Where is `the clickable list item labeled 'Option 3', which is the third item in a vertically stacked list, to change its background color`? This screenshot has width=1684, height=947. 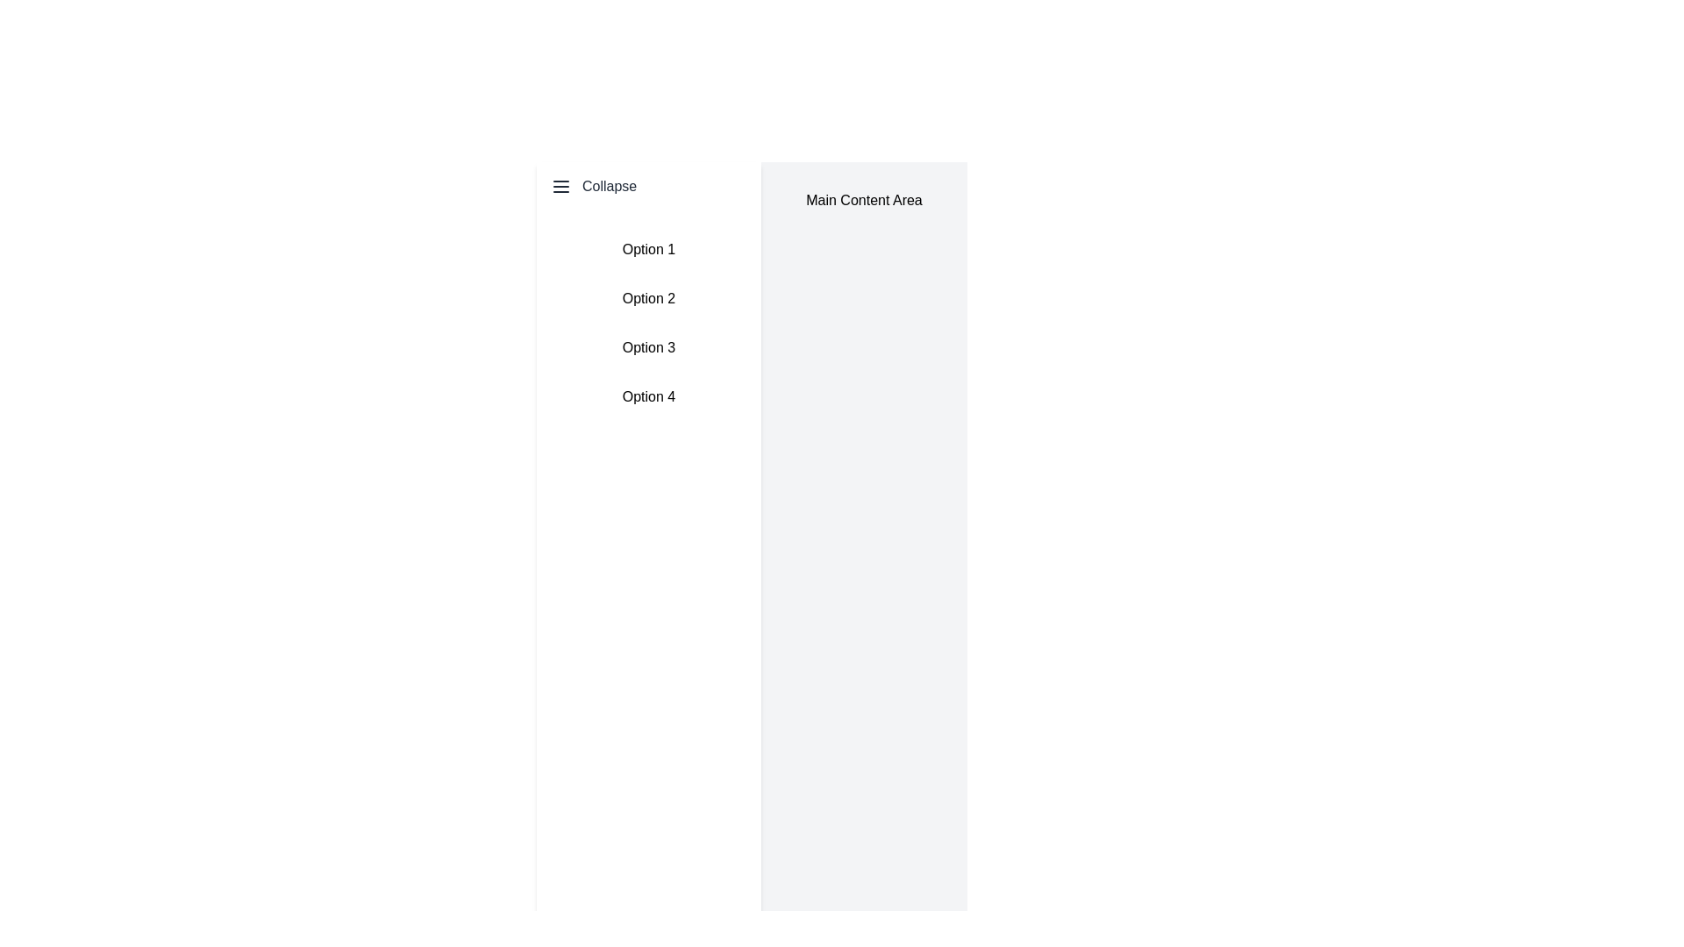 the clickable list item labeled 'Option 3', which is the third item in a vertically stacked list, to change its background color is located at coordinates (647, 348).